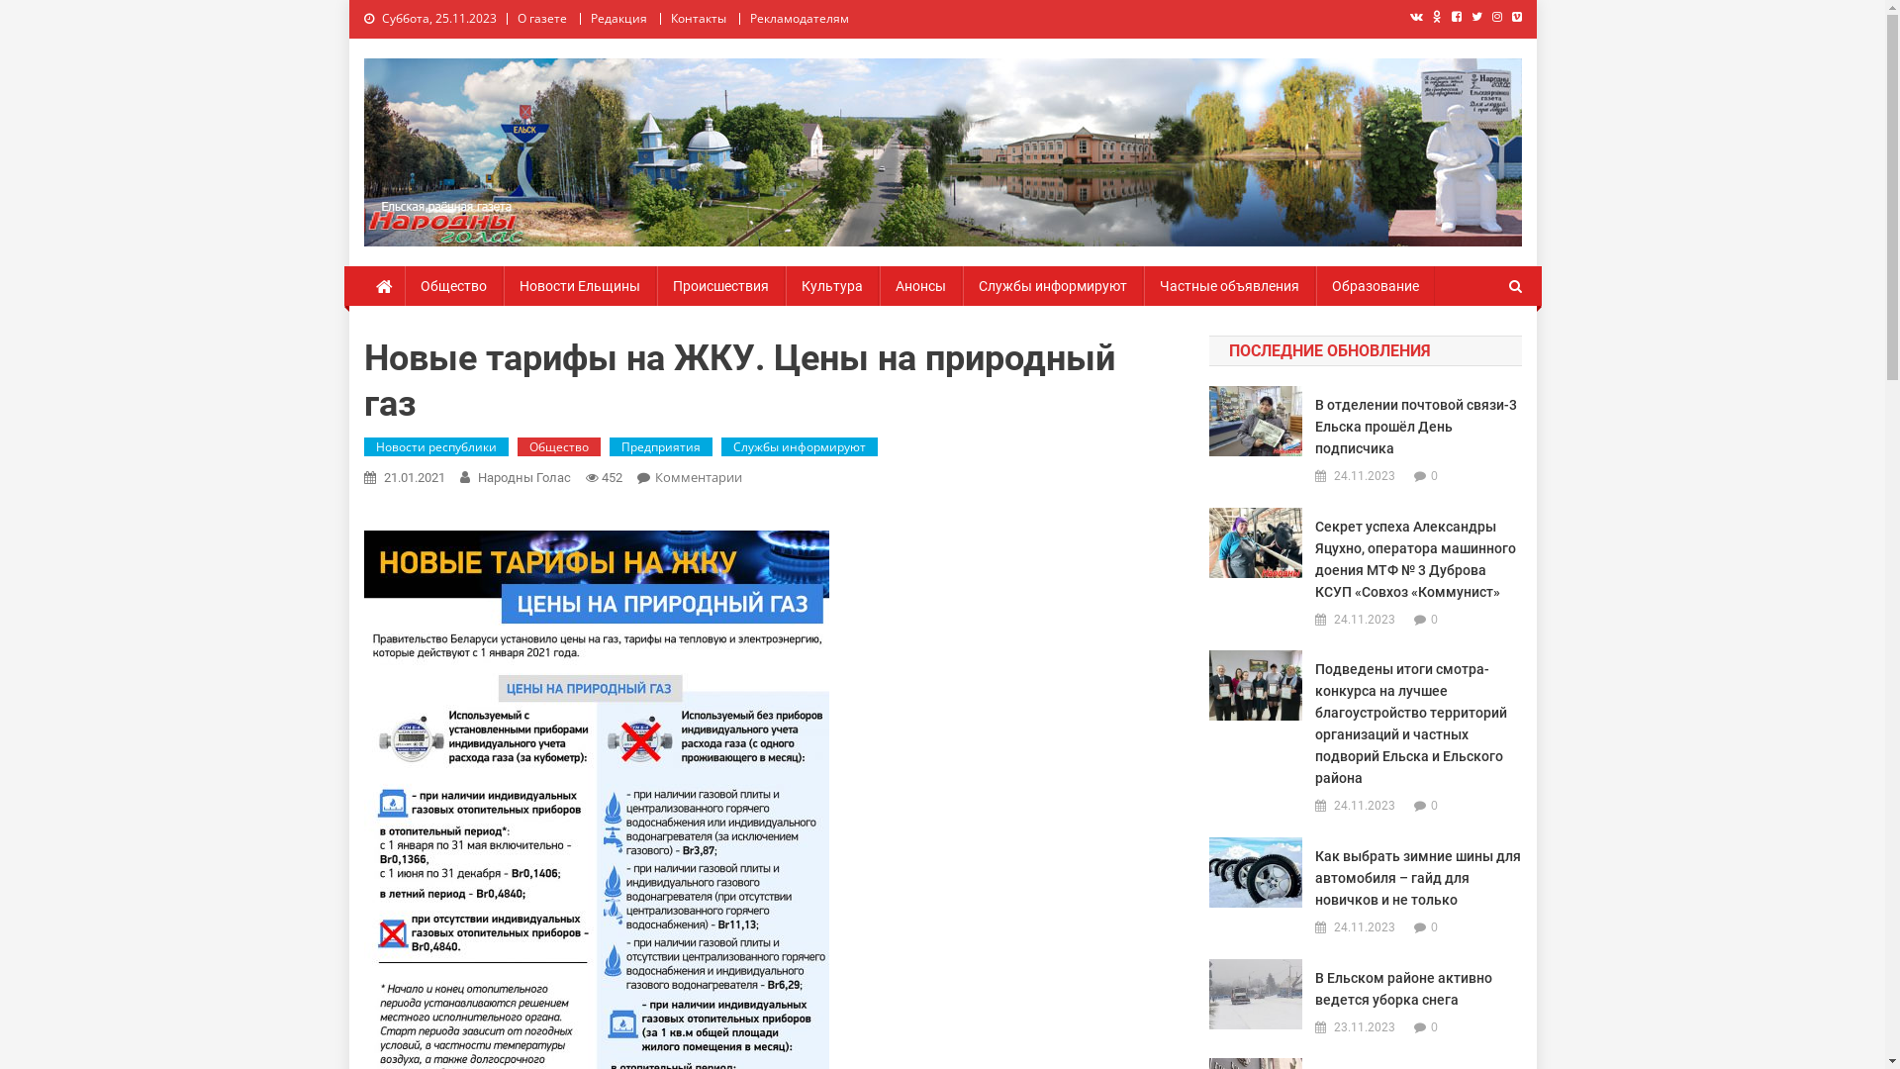 The width and height of the screenshot is (1900, 1069). I want to click on '24.11.2023', so click(1363, 620).